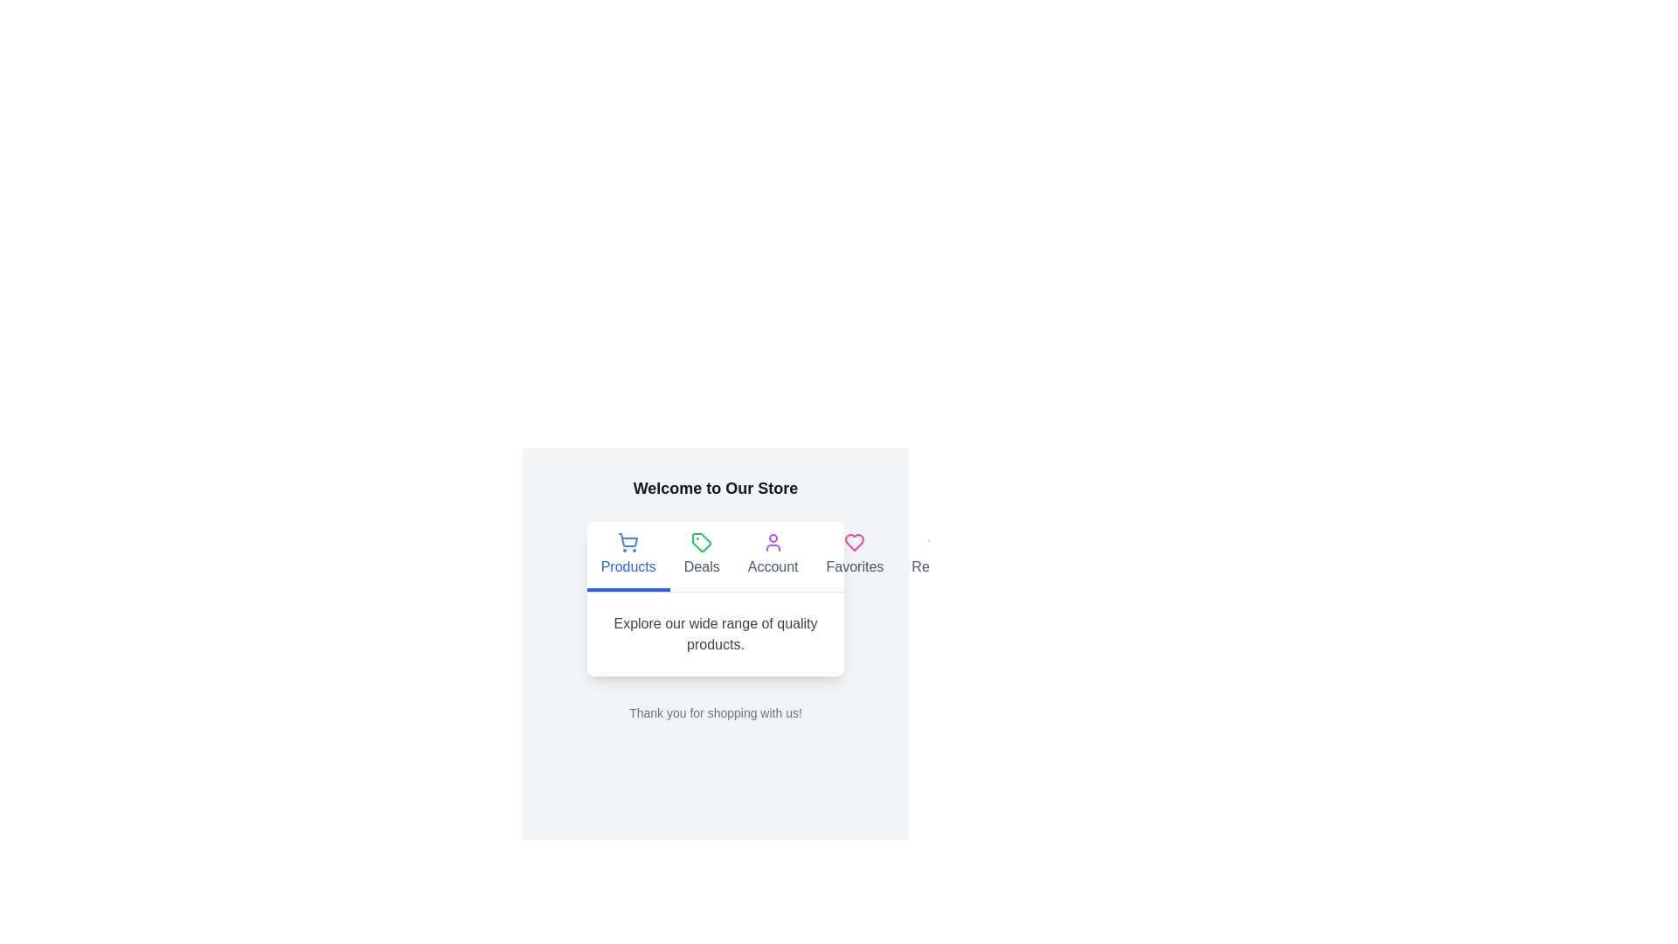 This screenshot has height=944, width=1678. What do you see at coordinates (701, 542) in the screenshot?
I see `the navigation icon for the 'Deals' section, which is the second icon from the left in the navigation area` at bounding box center [701, 542].